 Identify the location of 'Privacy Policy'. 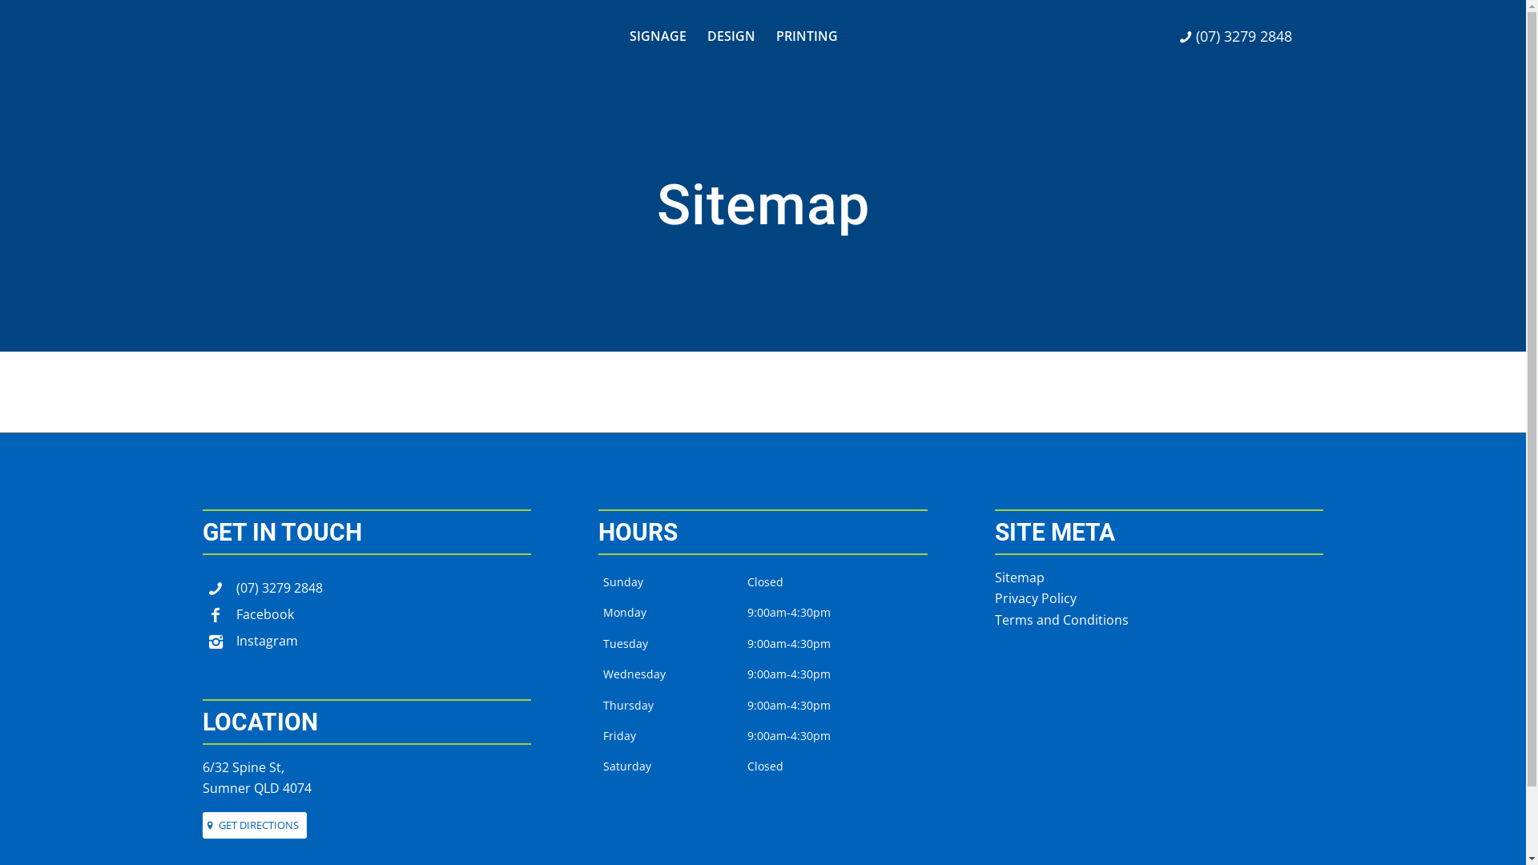
(1035, 598).